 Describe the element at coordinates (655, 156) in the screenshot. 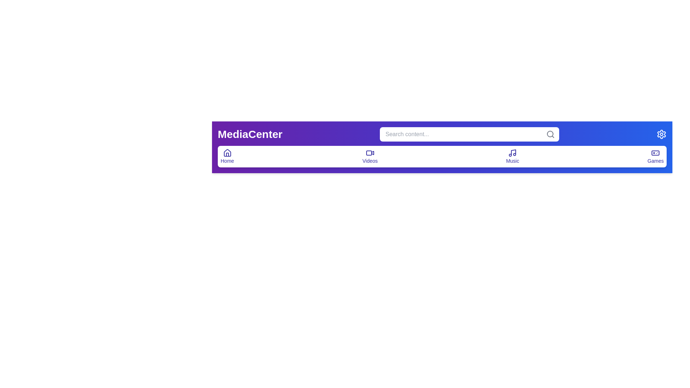

I see `the 'Games' icon to navigate to the games section` at that location.